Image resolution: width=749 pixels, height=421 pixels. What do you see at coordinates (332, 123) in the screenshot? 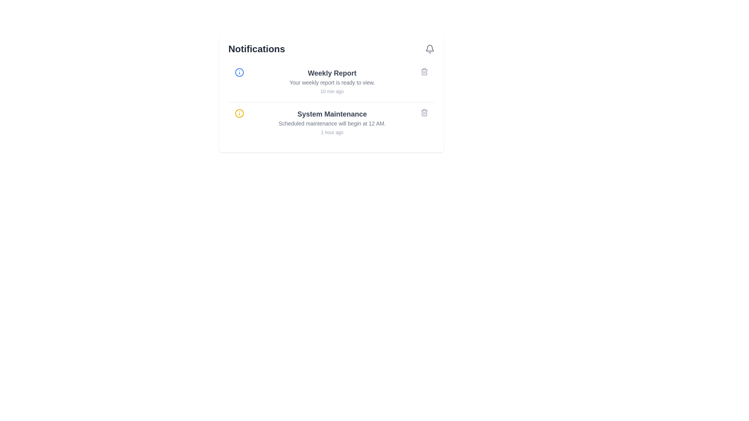
I see `the Text Label providing details about the timing of maintenance activities within the 'System Maintenance' notification card` at bounding box center [332, 123].